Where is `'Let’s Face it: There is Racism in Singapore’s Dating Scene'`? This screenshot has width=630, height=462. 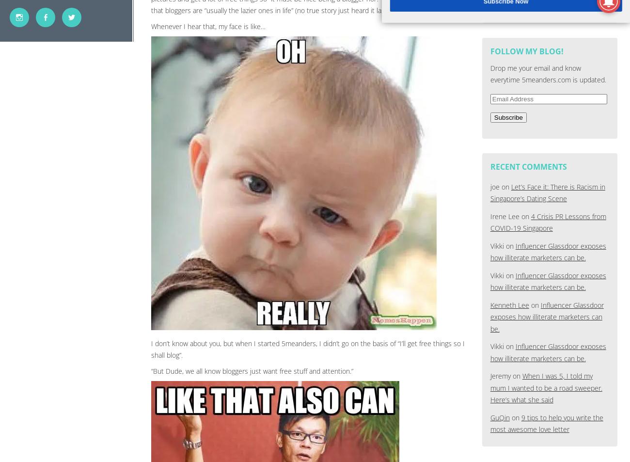
'Let’s Face it: There is Racism in Singapore’s Dating Scene' is located at coordinates (489, 192).